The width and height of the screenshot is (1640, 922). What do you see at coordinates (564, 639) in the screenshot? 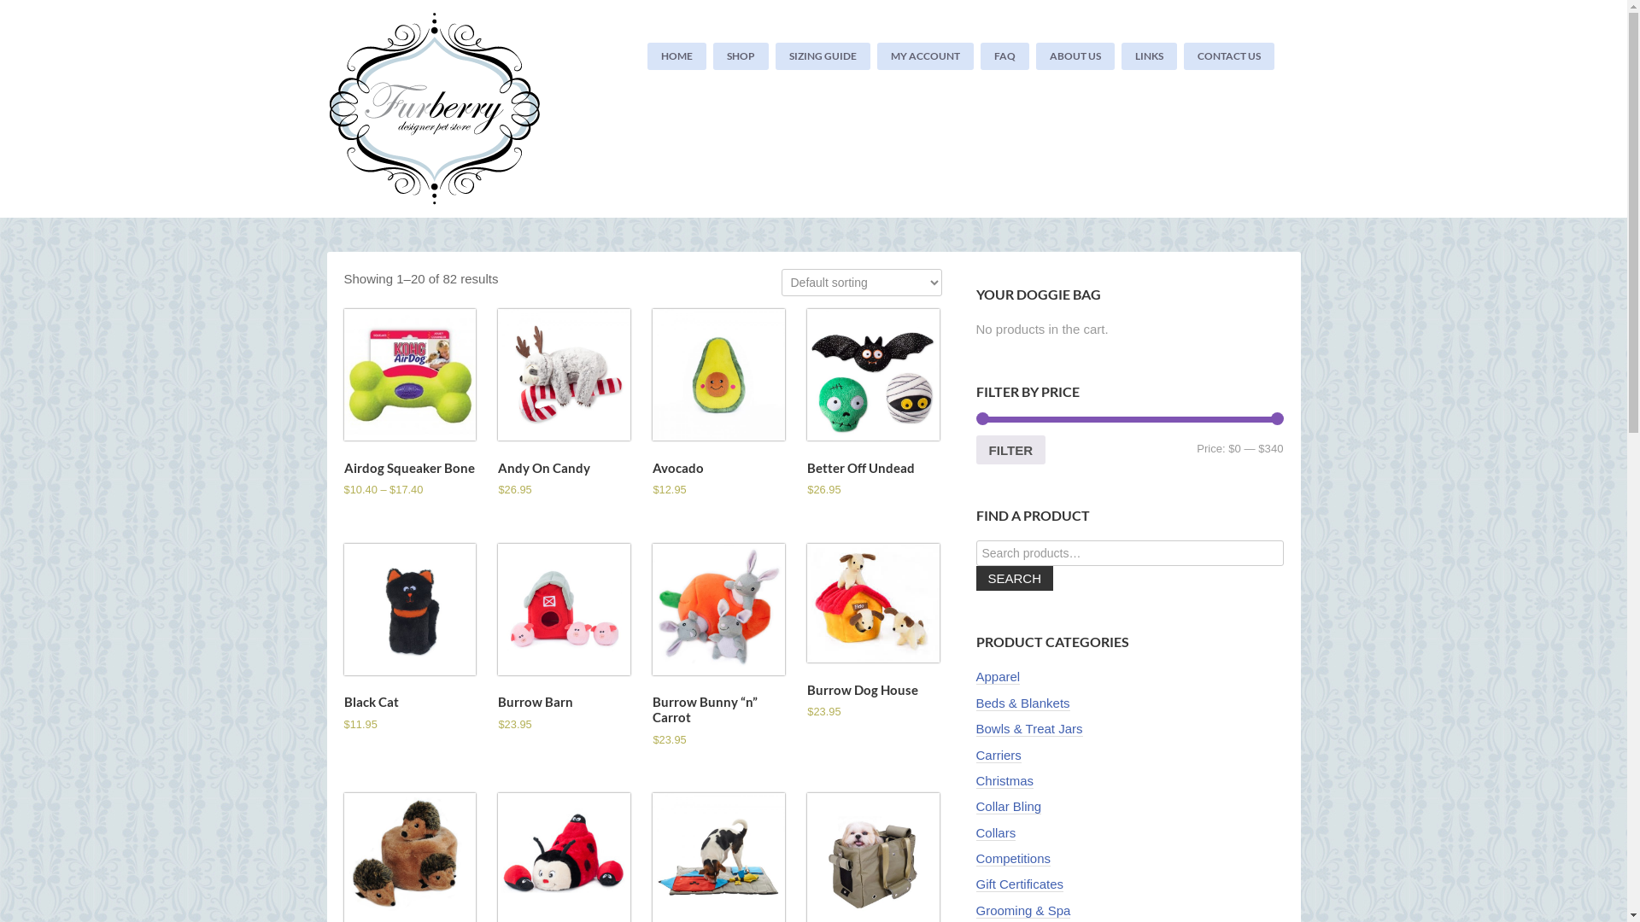
I see `'Burrow Barn` at bounding box center [564, 639].